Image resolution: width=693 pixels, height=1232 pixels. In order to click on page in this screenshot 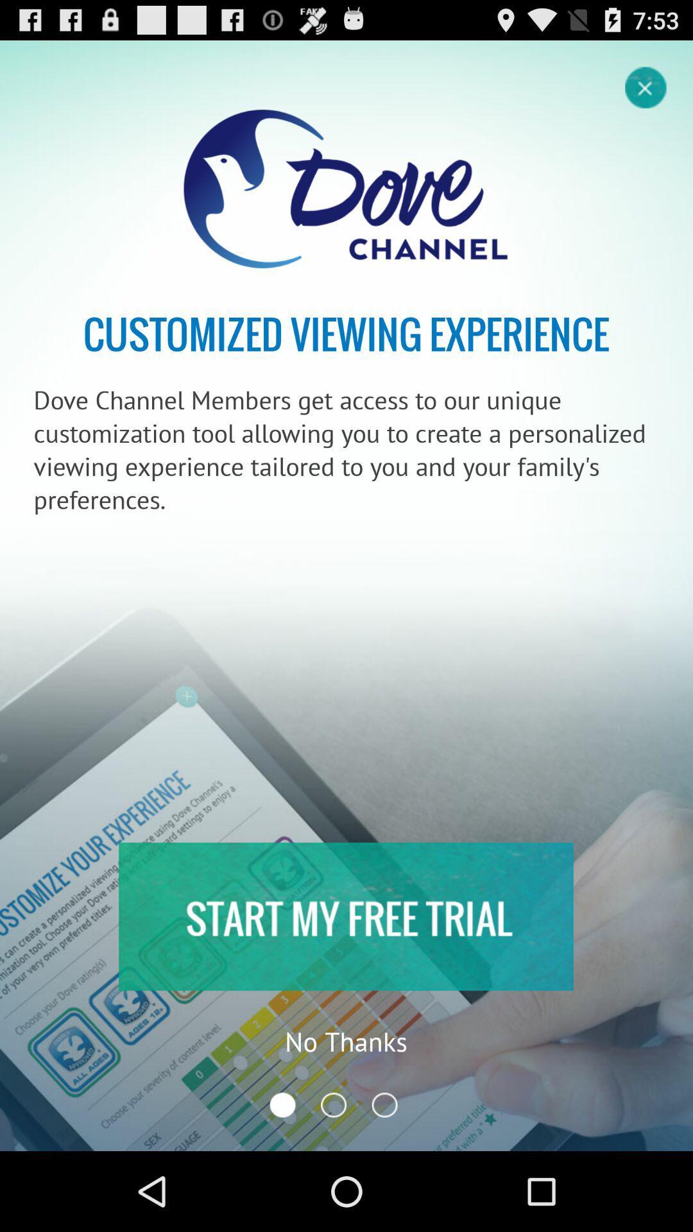, I will do `click(646, 86)`.